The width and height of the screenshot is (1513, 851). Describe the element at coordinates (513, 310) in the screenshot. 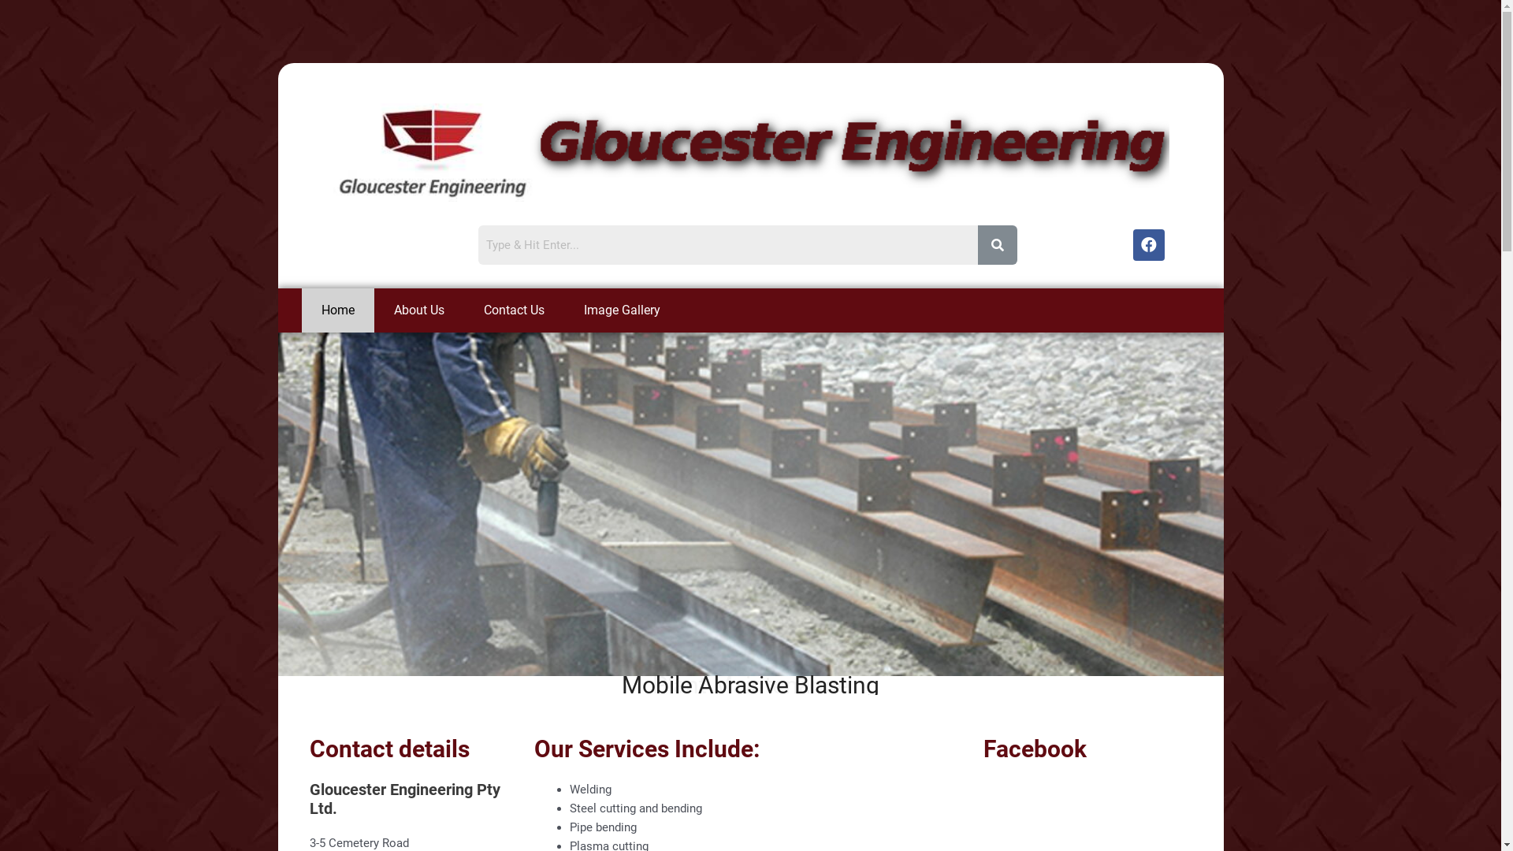

I see `'Contact Us'` at that location.